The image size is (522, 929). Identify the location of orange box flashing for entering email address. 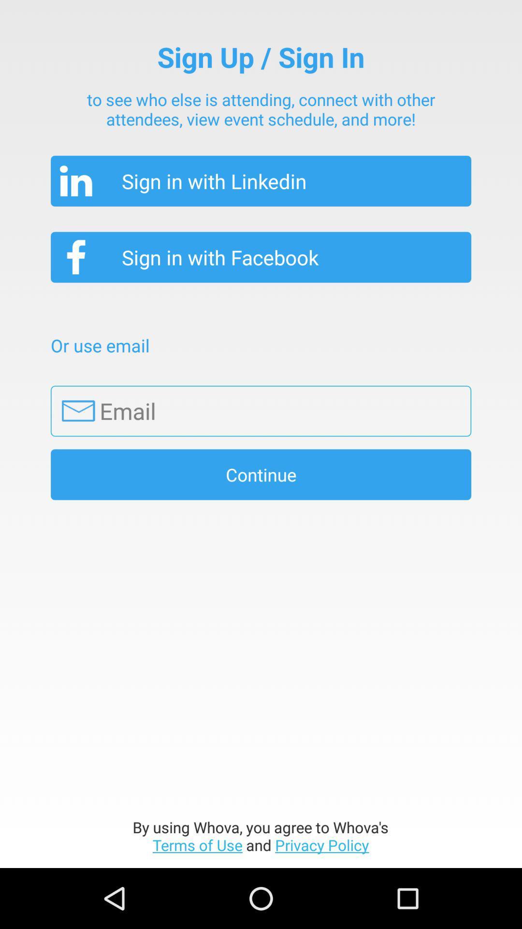
(261, 411).